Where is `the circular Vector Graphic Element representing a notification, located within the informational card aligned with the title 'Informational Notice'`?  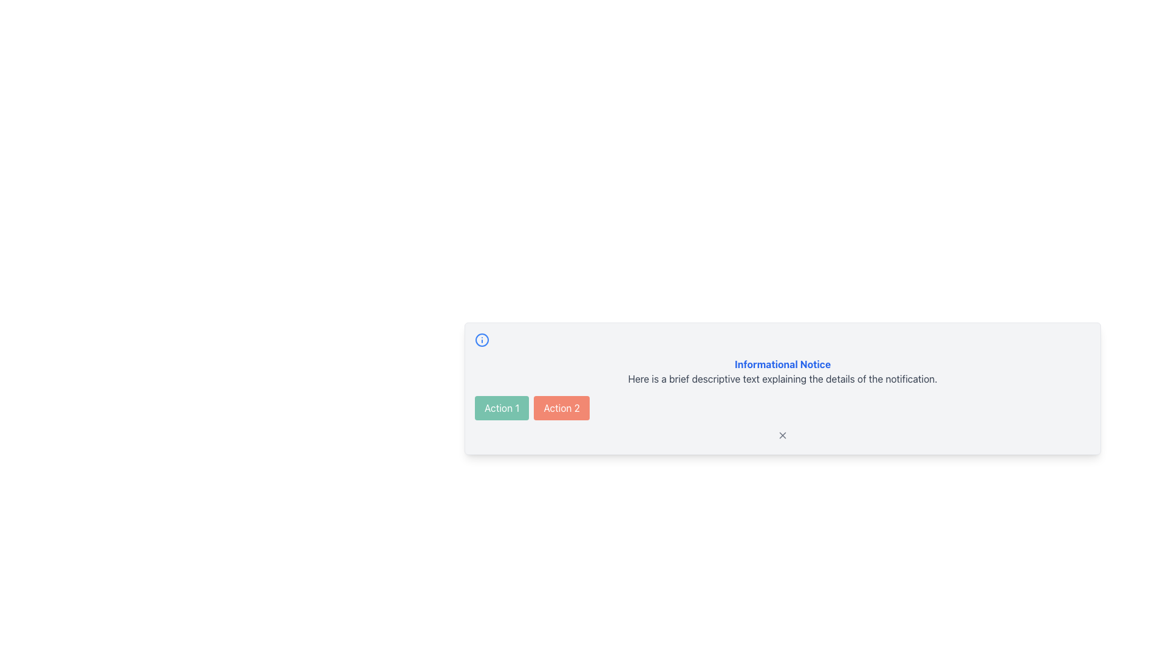
the circular Vector Graphic Element representing a notification, located within the informational card aligned with the title 'Informational Notice' is located at coordinates (481, 340).